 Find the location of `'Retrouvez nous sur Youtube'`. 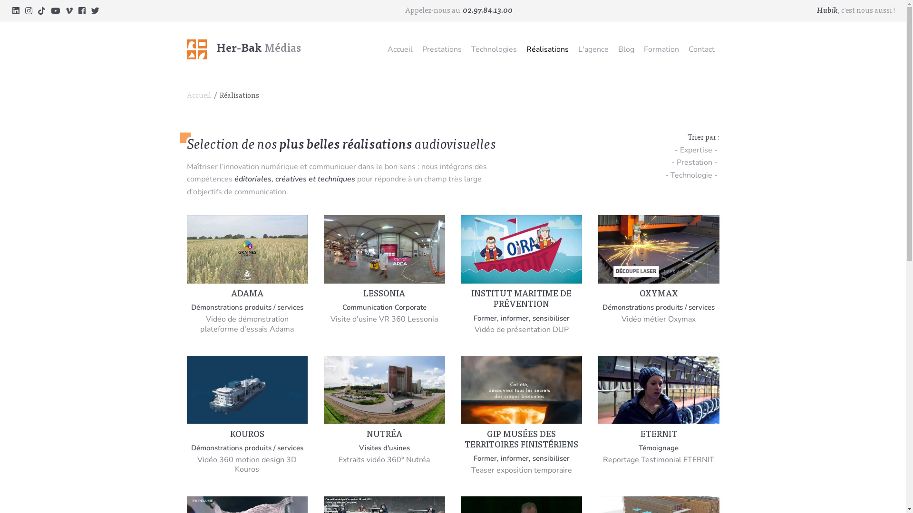

'Retrouvez nous sur Youtube' is located at coordinates (55, 10).